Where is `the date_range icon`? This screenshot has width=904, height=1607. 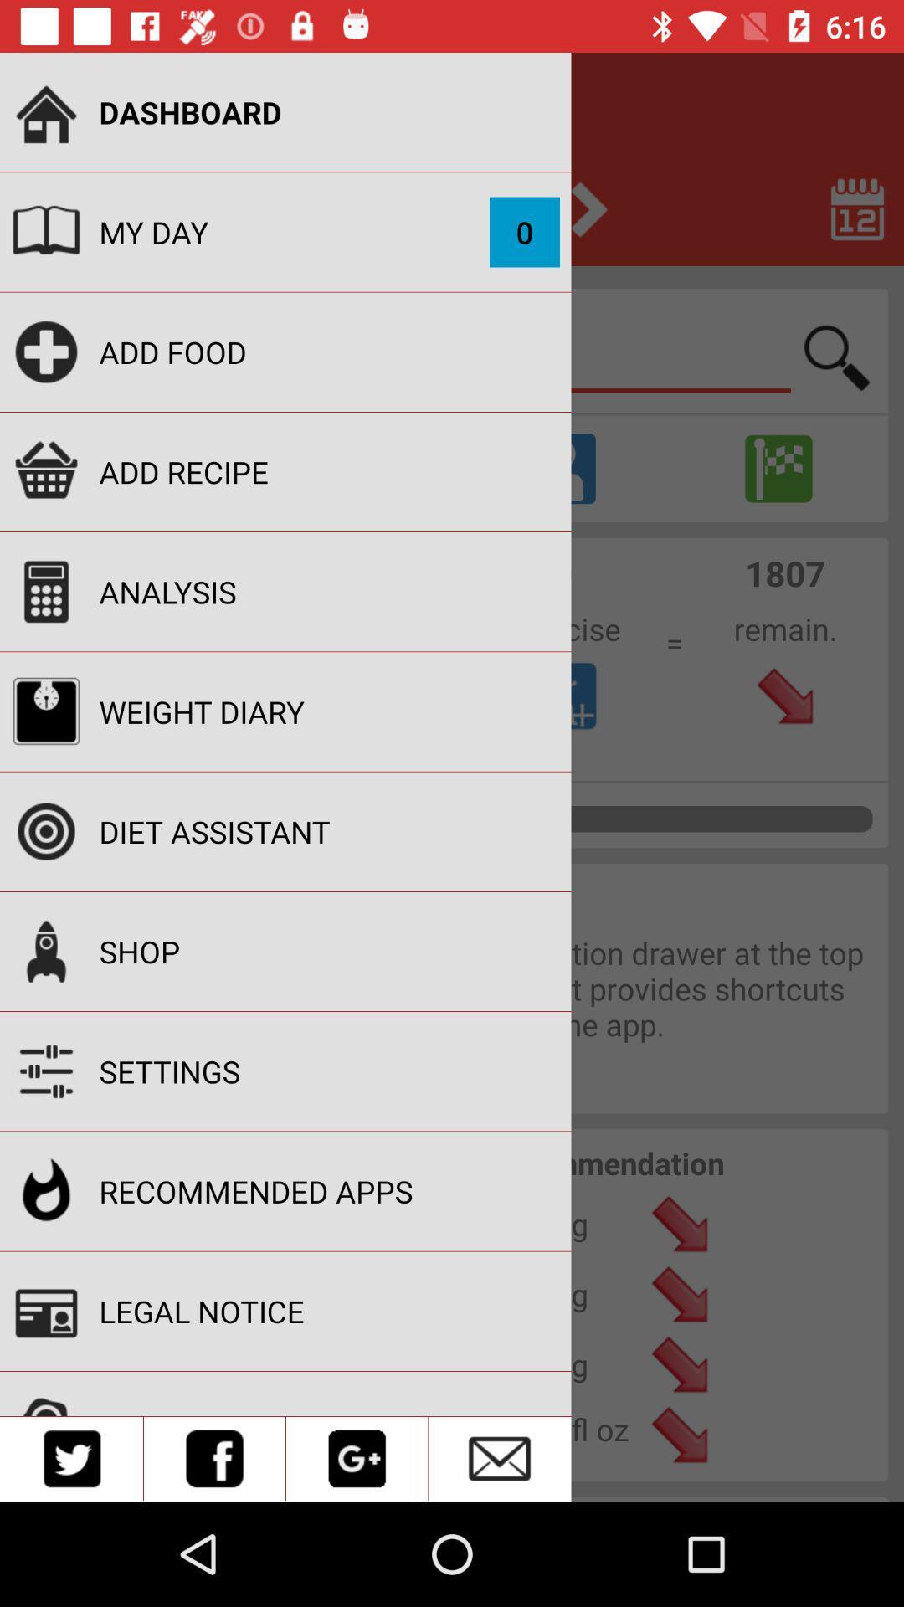
the date_range icon is located at coordinates (857, 208).